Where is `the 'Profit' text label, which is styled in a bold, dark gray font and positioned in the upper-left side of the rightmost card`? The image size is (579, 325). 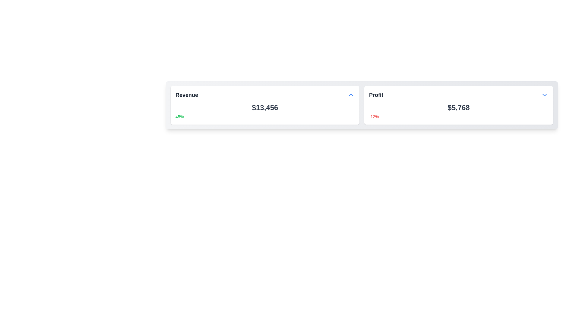 the 'Profit' text label, which is styled in a bold, dark gray font and positioned in the upper-left side of the rightmost card is located at coordinates (376, 95).